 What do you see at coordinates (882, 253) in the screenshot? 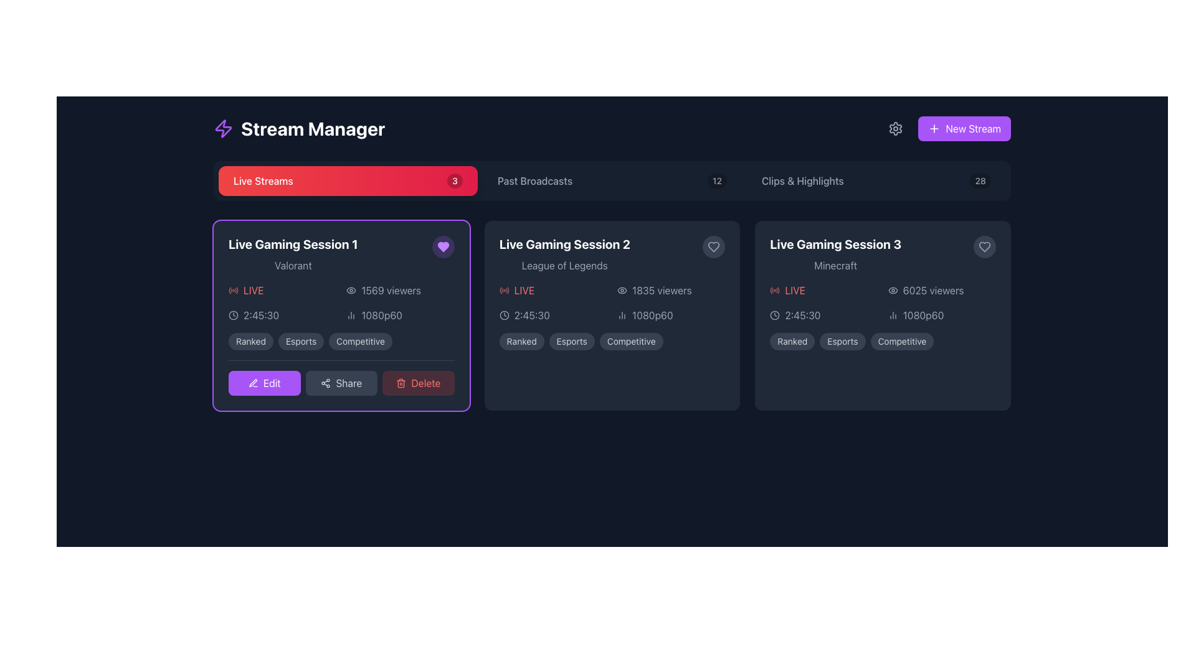
I see `the interactive heart icon located at the right side of the 'Live Gaming Session 3' card header, which displays 'Live Gaming Session 3' in bold white font and 'Minecraft' in gray below it` at bounding box center [882, 253].